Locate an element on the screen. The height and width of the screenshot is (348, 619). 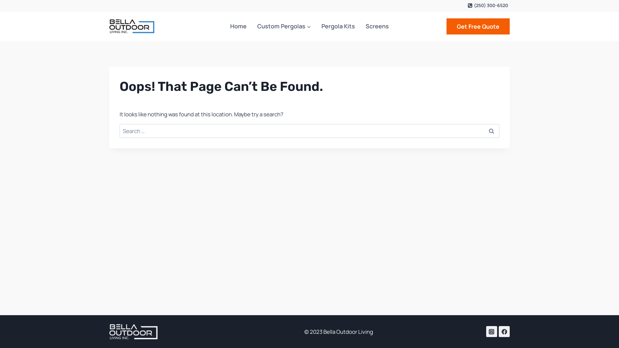
'(250) 300-6520' is located at coordinates (487, 5).